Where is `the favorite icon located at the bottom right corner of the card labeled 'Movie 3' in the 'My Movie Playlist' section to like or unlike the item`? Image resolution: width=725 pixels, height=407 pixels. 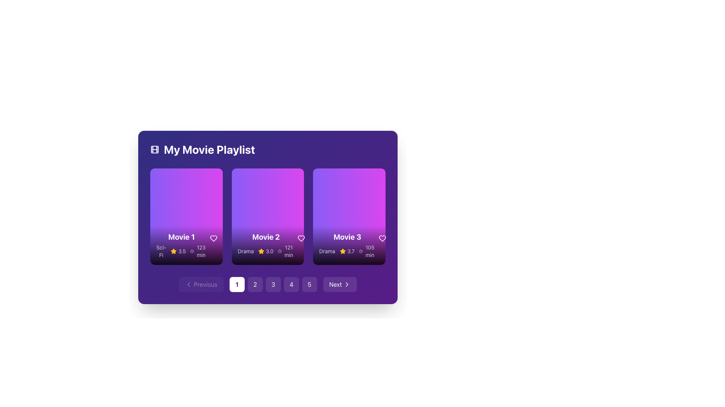 the favorite icon located at the bottom right corner of the card labeled 'Movie 3' in the 'My Movie Playlist' section to like or unlike the item is located at coordinates (382, 238).